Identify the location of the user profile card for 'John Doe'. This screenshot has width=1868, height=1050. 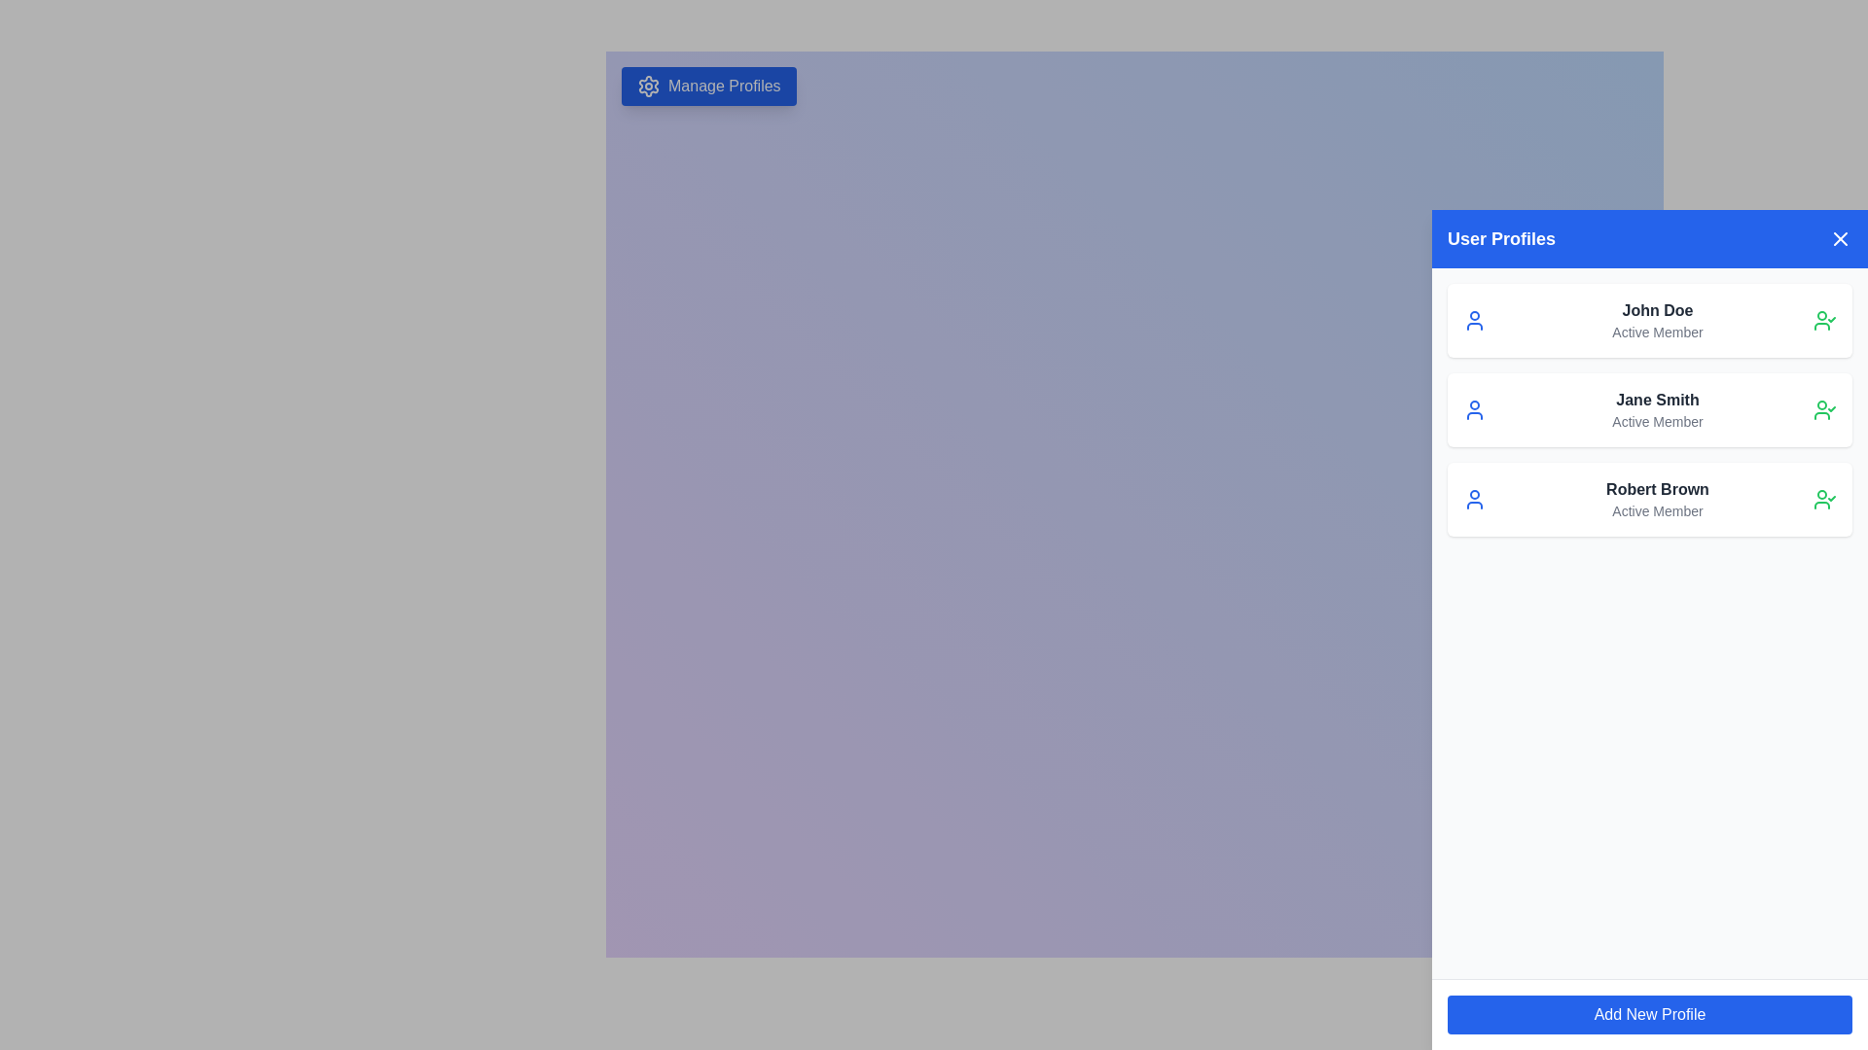
(1648, 320).